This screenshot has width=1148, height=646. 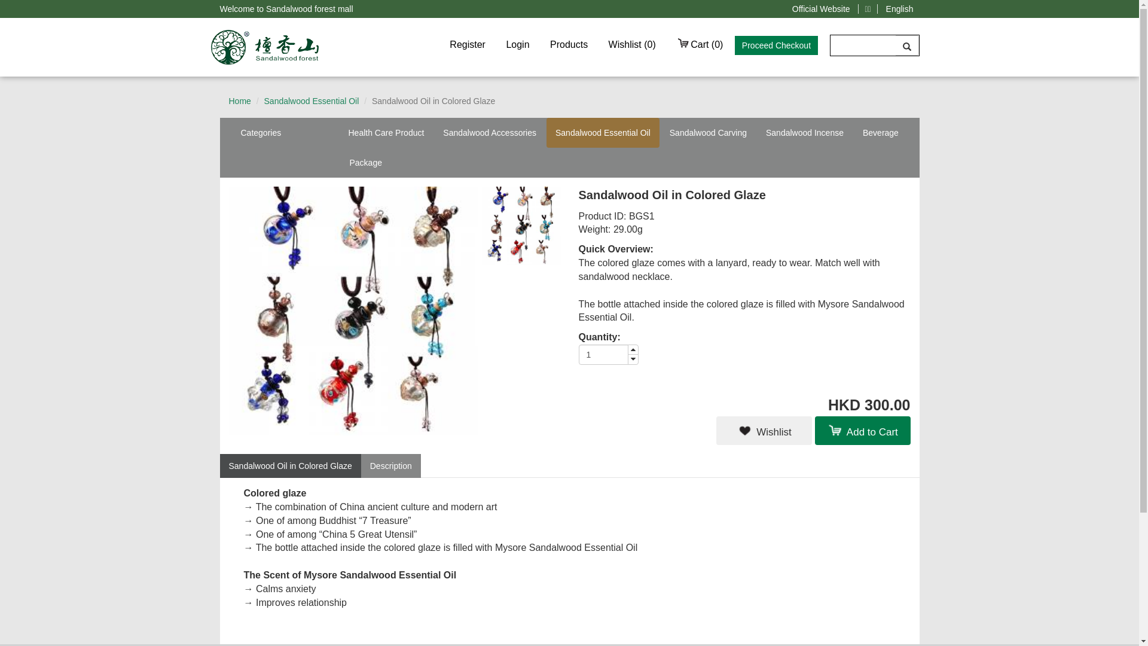 I want to click on 'Register', so click(x=467, y=44).